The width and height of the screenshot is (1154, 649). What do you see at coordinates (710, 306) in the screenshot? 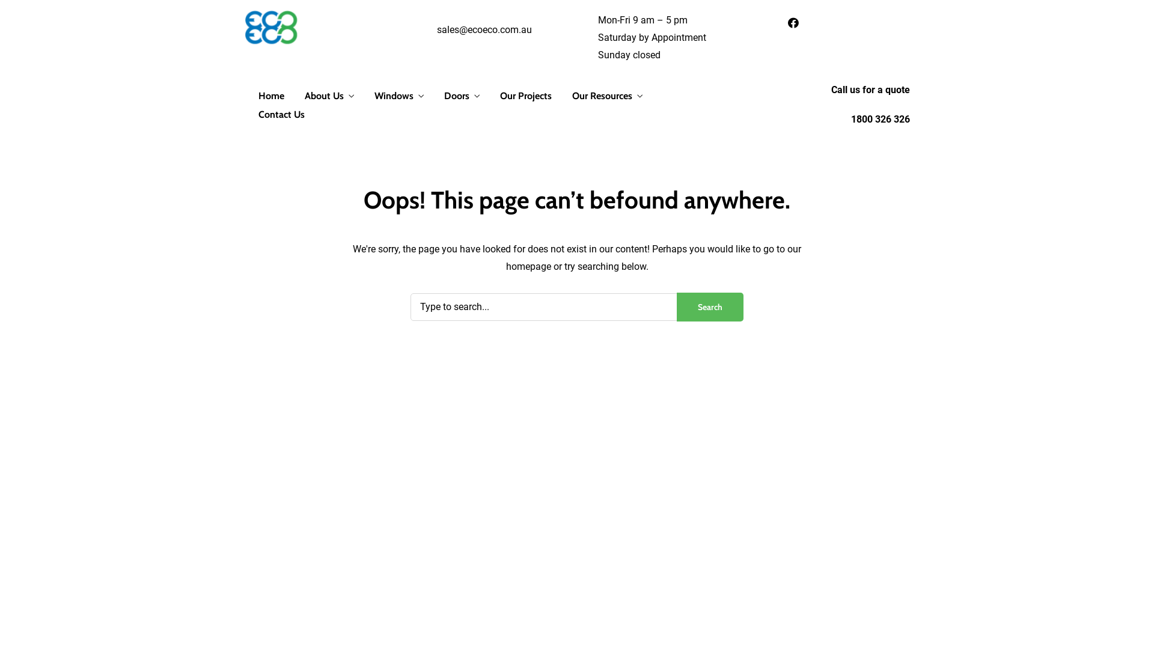
I see `'Search'` at bounding box center [710, 306].